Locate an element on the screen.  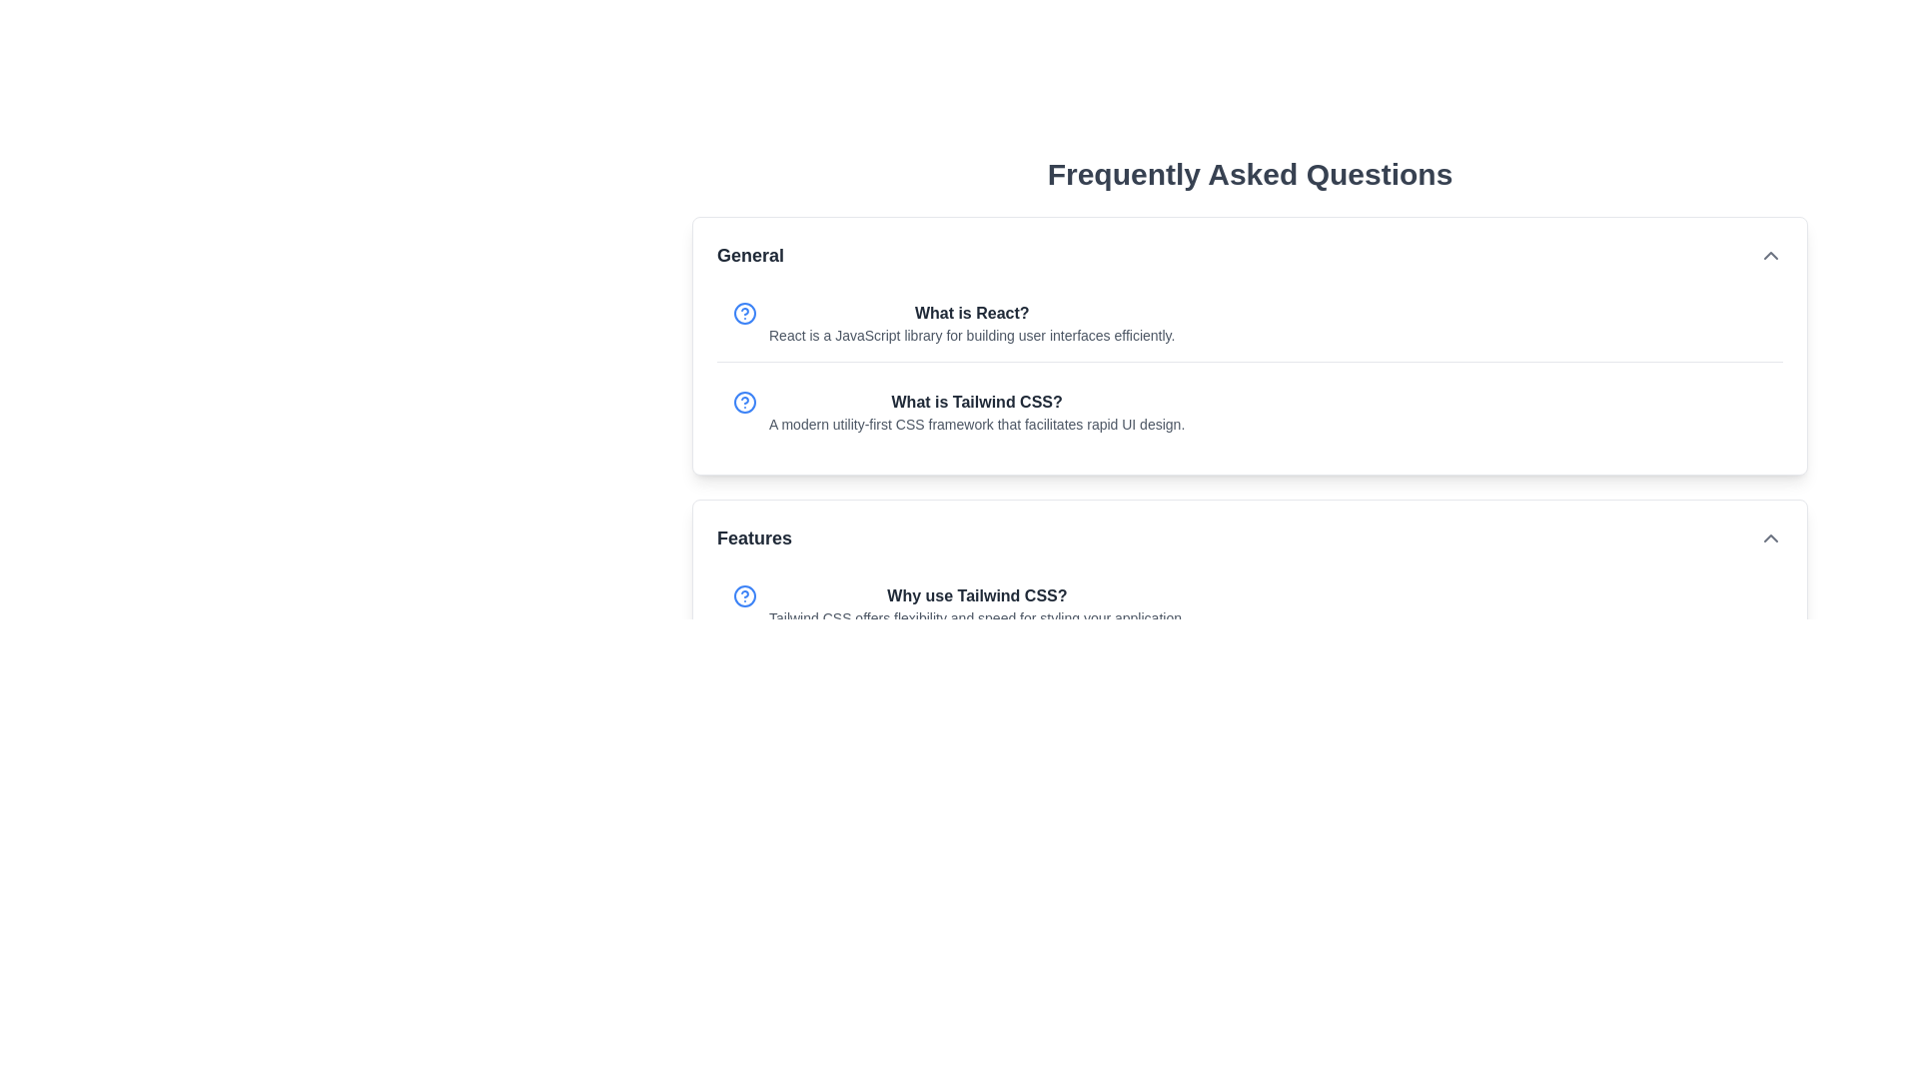
the Collapsible section header titled 'Features', which has a chevron icon is located at coordinates (1249, 538).